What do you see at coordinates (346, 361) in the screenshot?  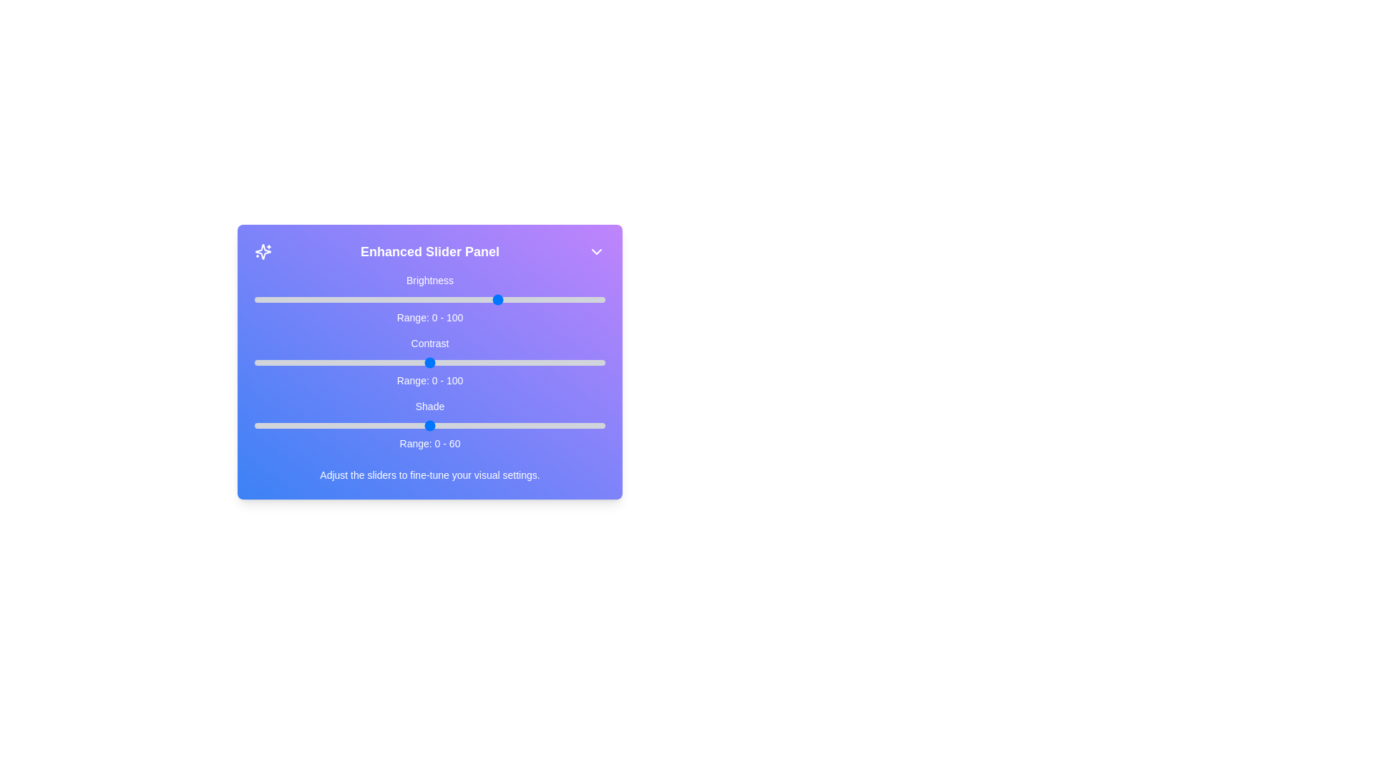 I see `the 1 slider to 26` at bounding box center [346, 361].